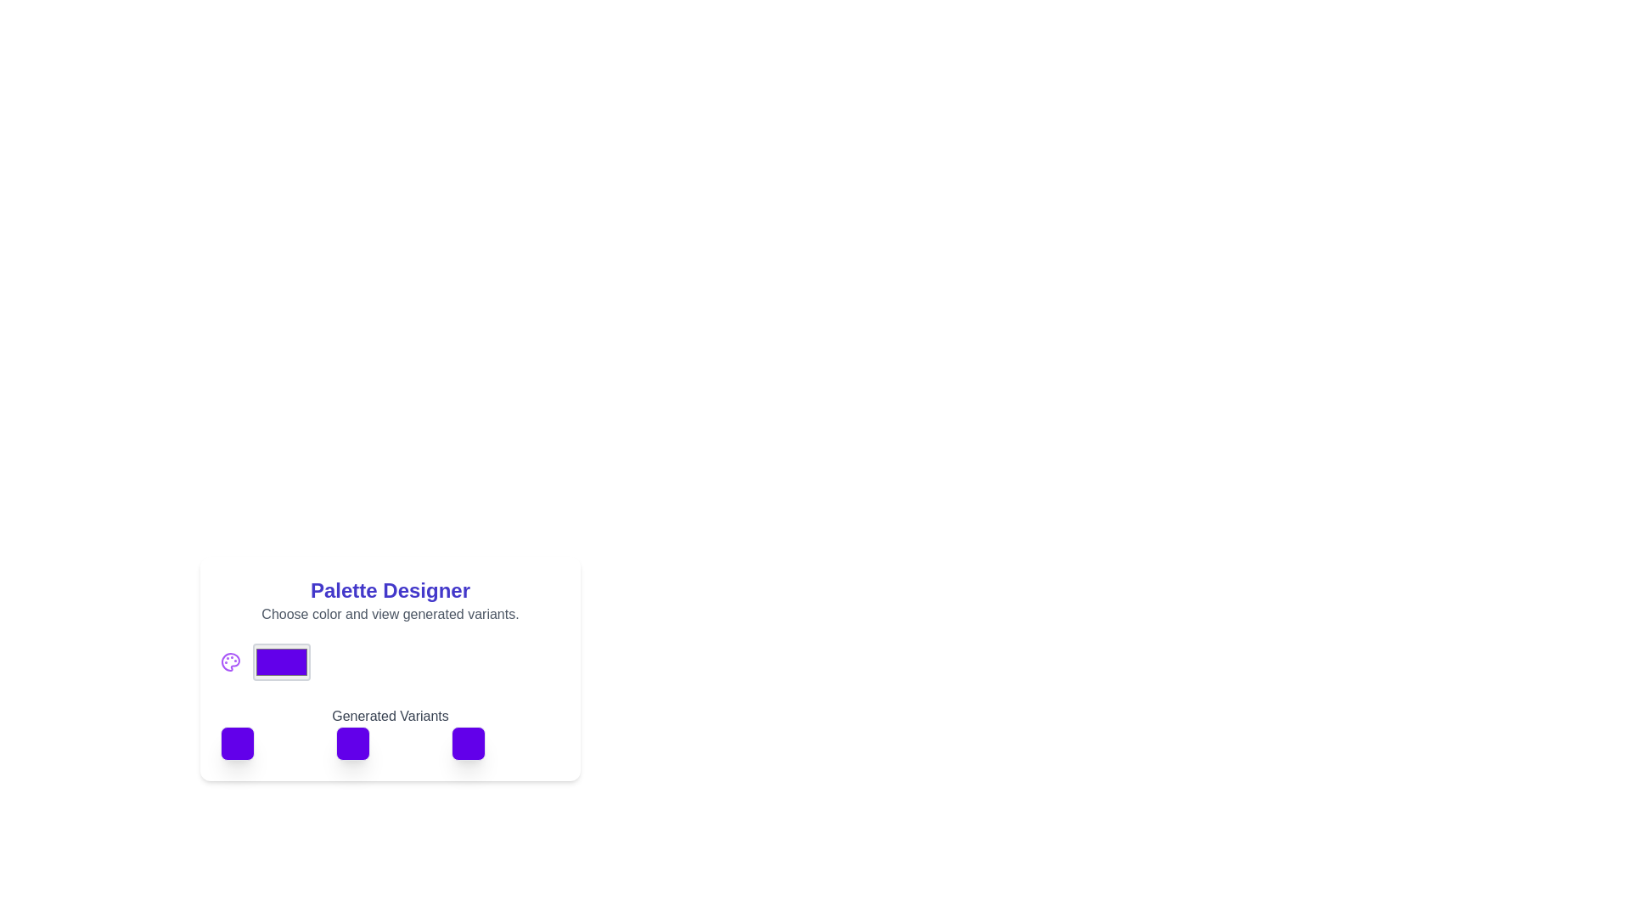 The height and width of the screenshot is (917, 1630). I want to click on the composed text element containing a title and a subtitle, located at the top section of the card component, so click(390, 600).